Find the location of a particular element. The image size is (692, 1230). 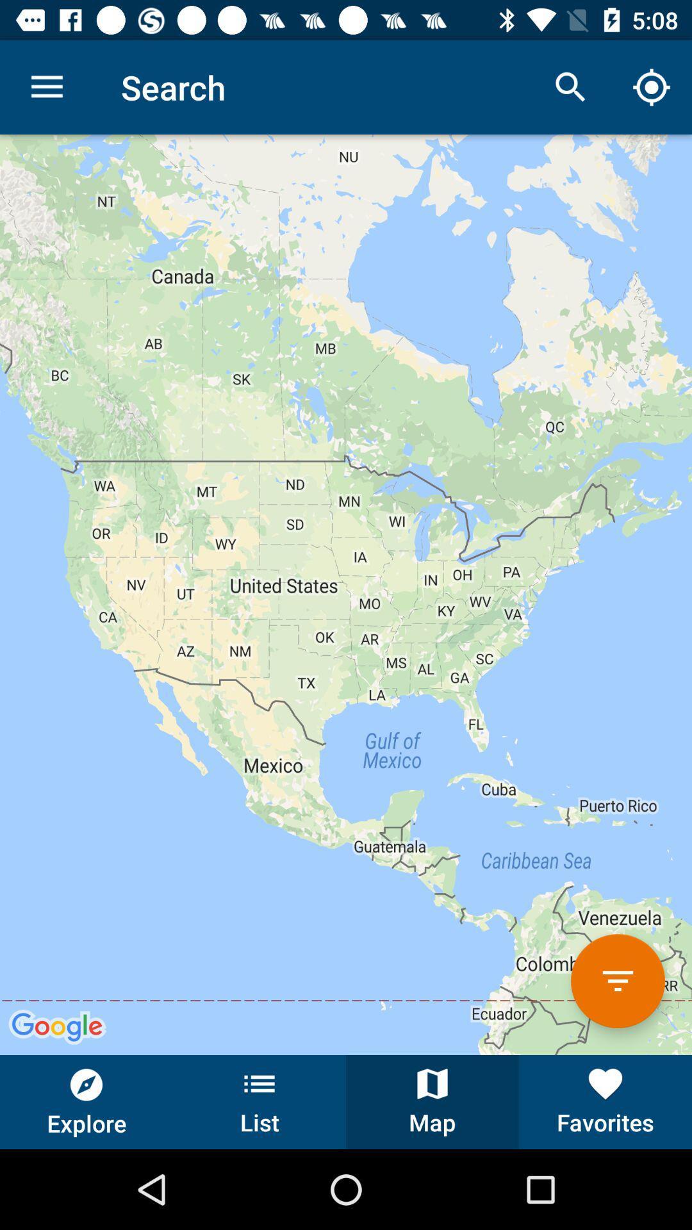

the item at the center is located at coordinates (346, 594).